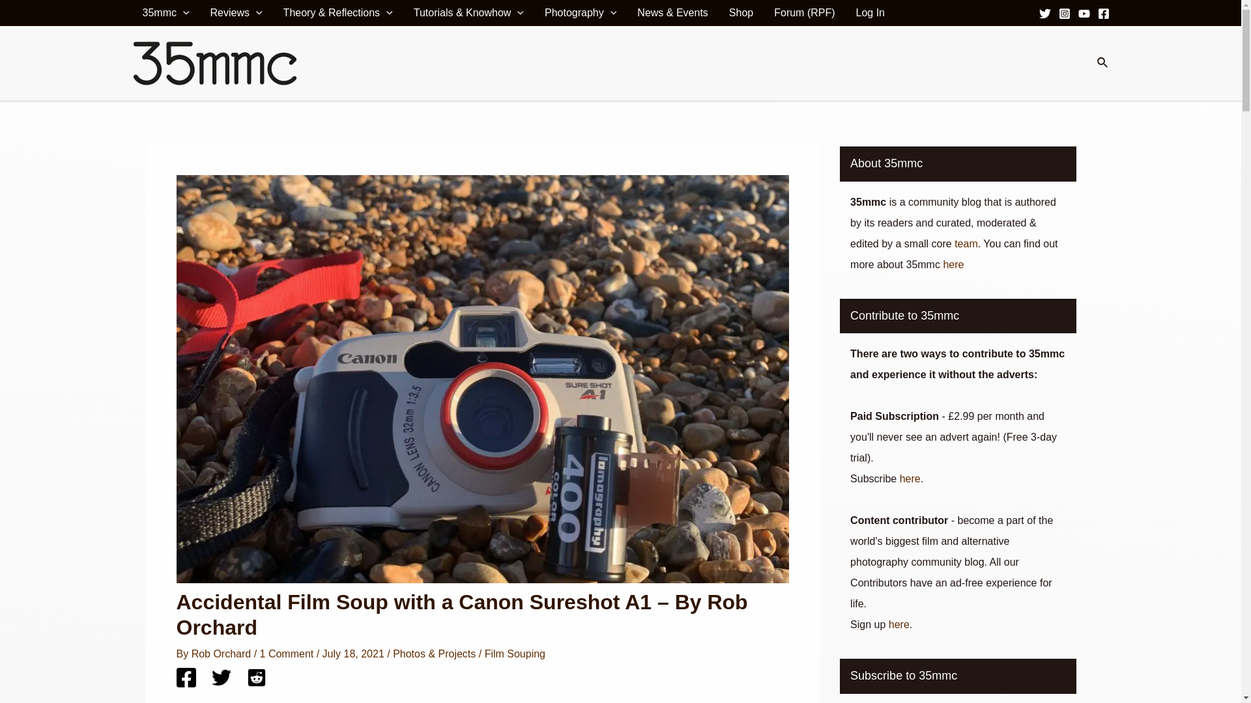 The image size is (1251, 703). What do you see at coordinates (1102, 62) in the screenshot?
I see `'Search'` at bounding box center [1102, 62].